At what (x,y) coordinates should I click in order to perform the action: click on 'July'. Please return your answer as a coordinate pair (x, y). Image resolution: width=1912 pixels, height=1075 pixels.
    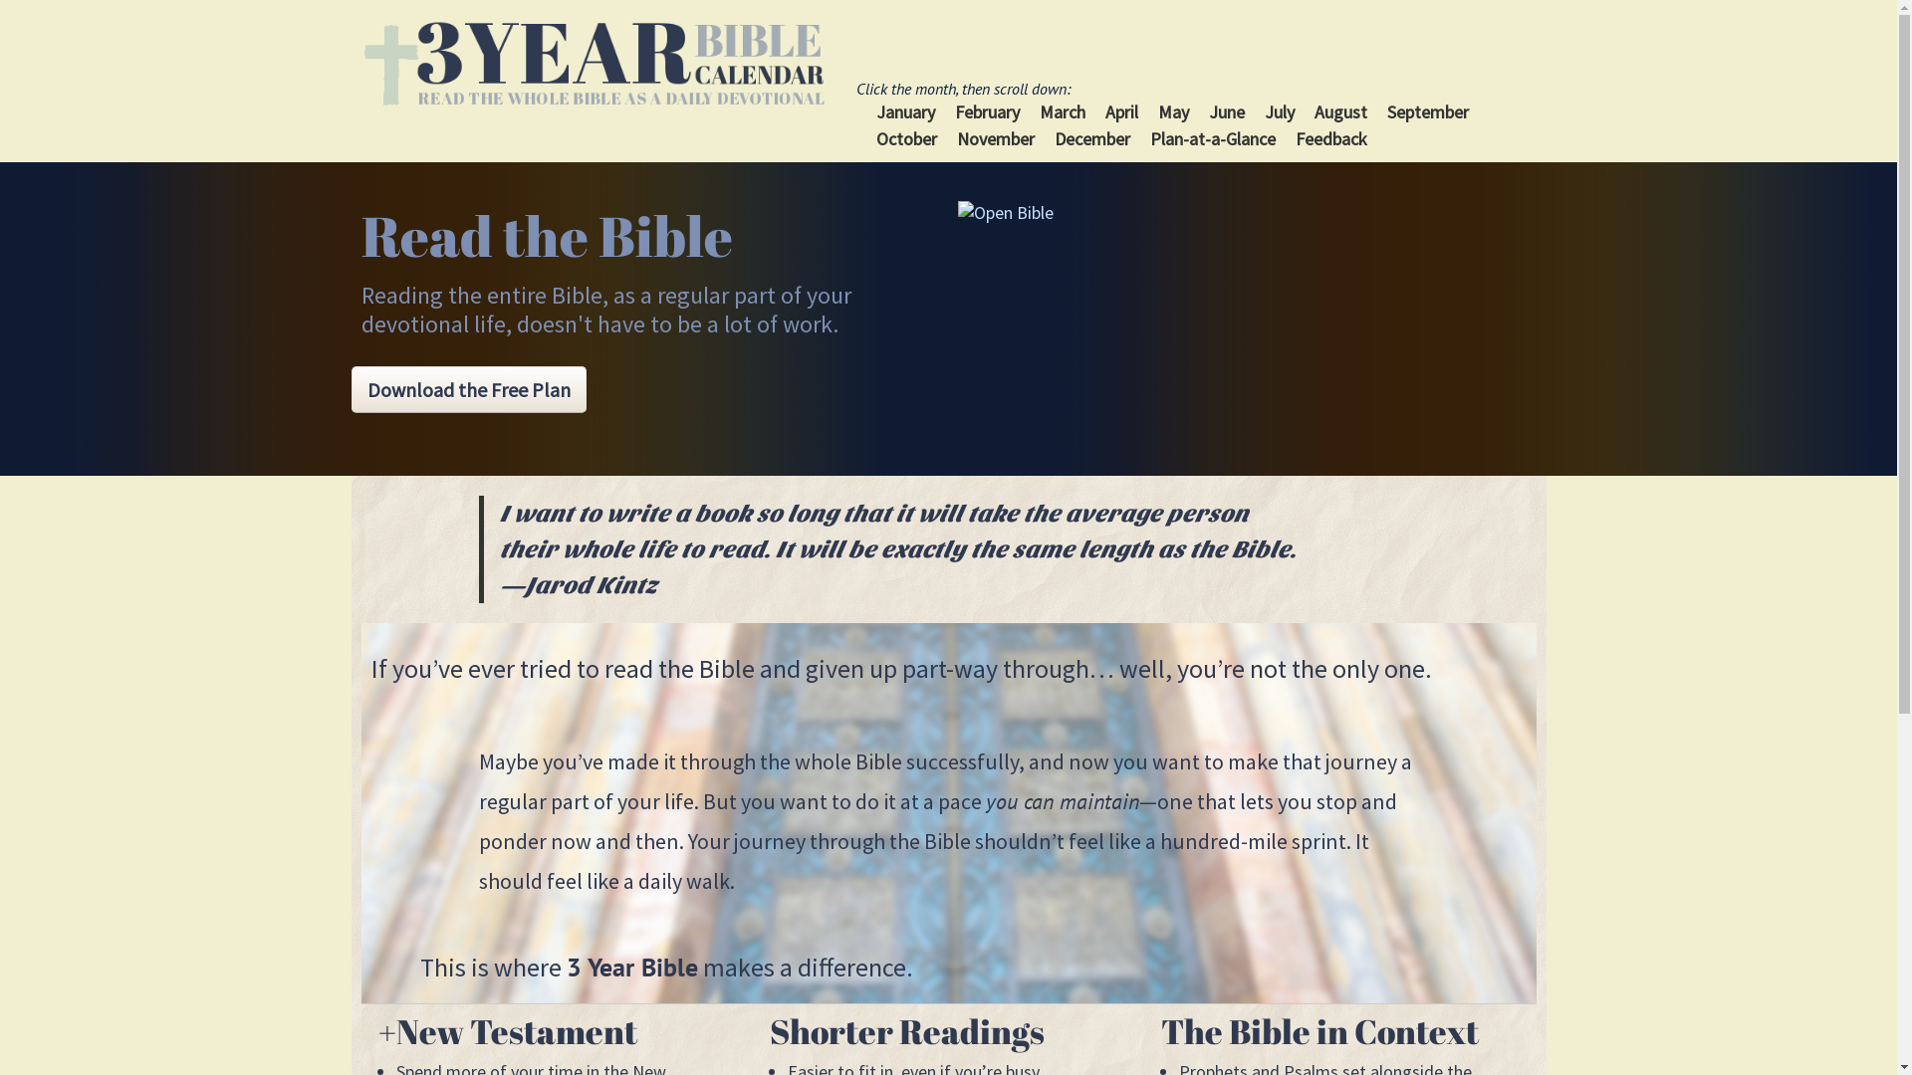
    Looking at the image, I should click on (1280, 111).